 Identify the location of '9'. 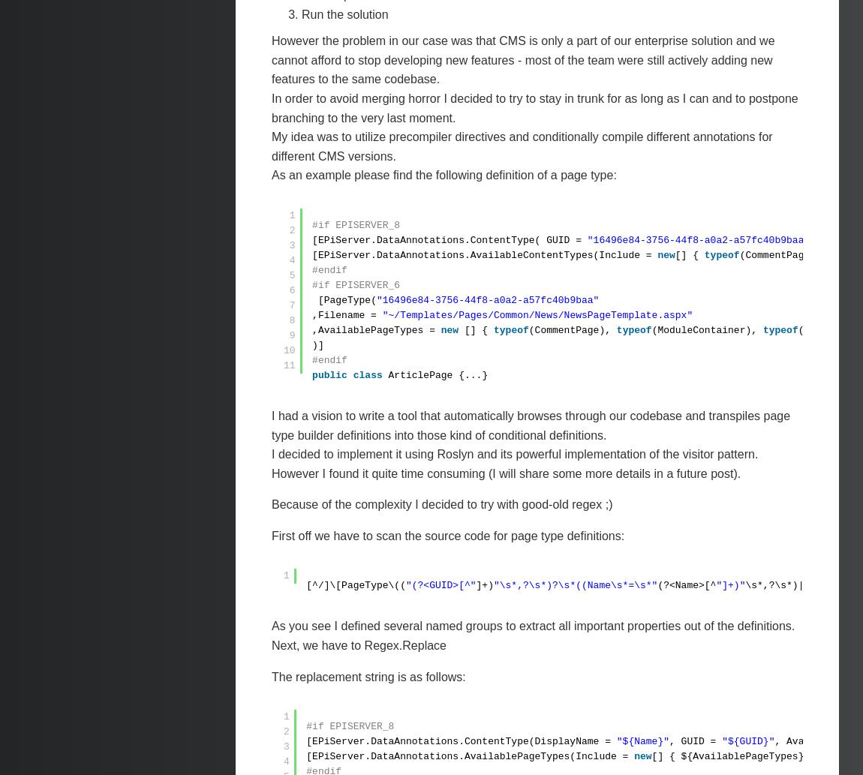
(292, 335).